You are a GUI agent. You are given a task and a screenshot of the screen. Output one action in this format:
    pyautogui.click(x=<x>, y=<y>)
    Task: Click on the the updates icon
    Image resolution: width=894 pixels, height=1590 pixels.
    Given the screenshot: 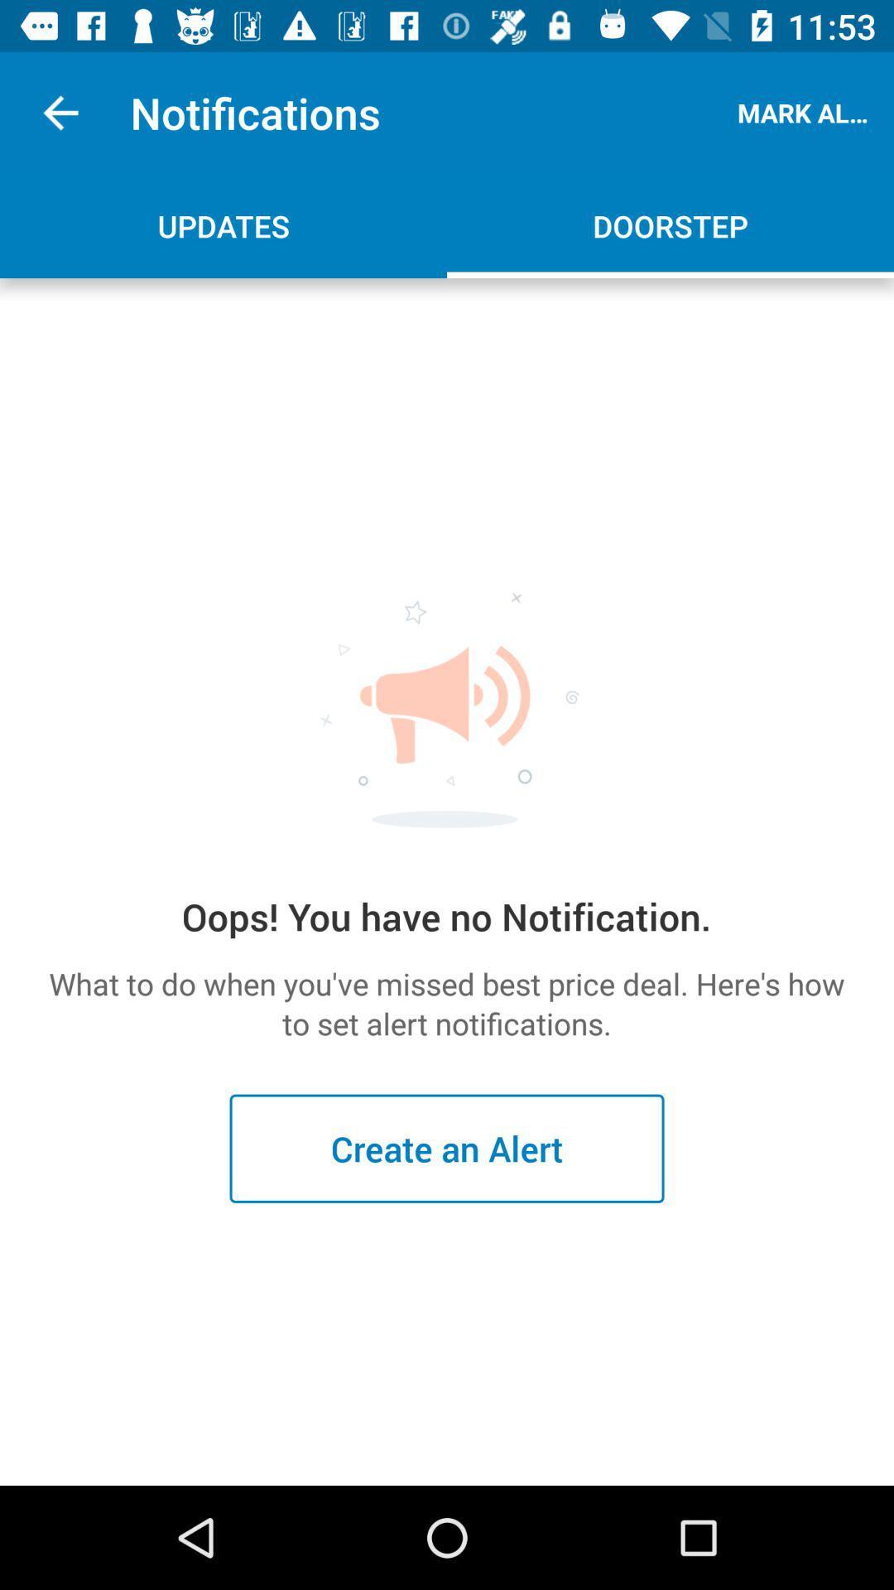 What is the action you would take?
    pyautogui.click(x=223, y=225)
    